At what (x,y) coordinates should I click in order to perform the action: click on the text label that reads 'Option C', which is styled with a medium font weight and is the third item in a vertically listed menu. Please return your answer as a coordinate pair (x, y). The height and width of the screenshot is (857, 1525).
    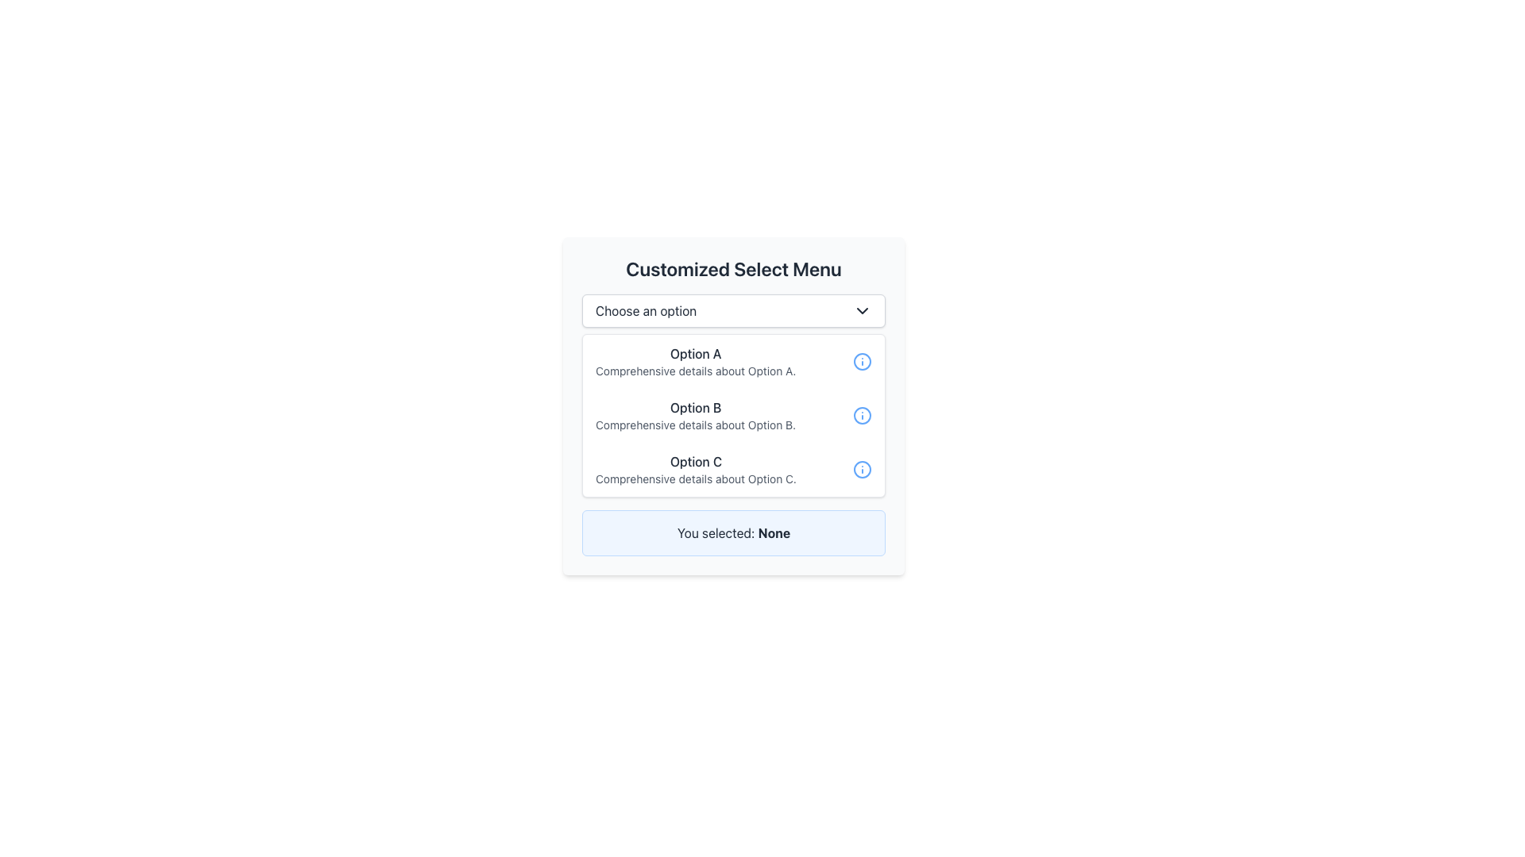
    Looking at the image, I should click on (696, 462).